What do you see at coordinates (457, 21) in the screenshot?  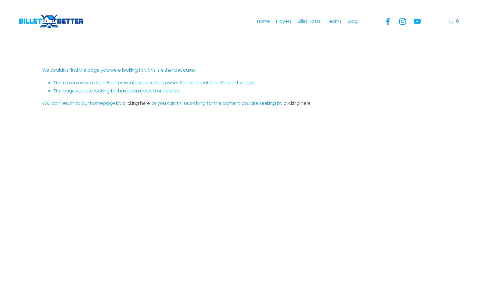 I see `'0'` at bounding box center [457, 21].